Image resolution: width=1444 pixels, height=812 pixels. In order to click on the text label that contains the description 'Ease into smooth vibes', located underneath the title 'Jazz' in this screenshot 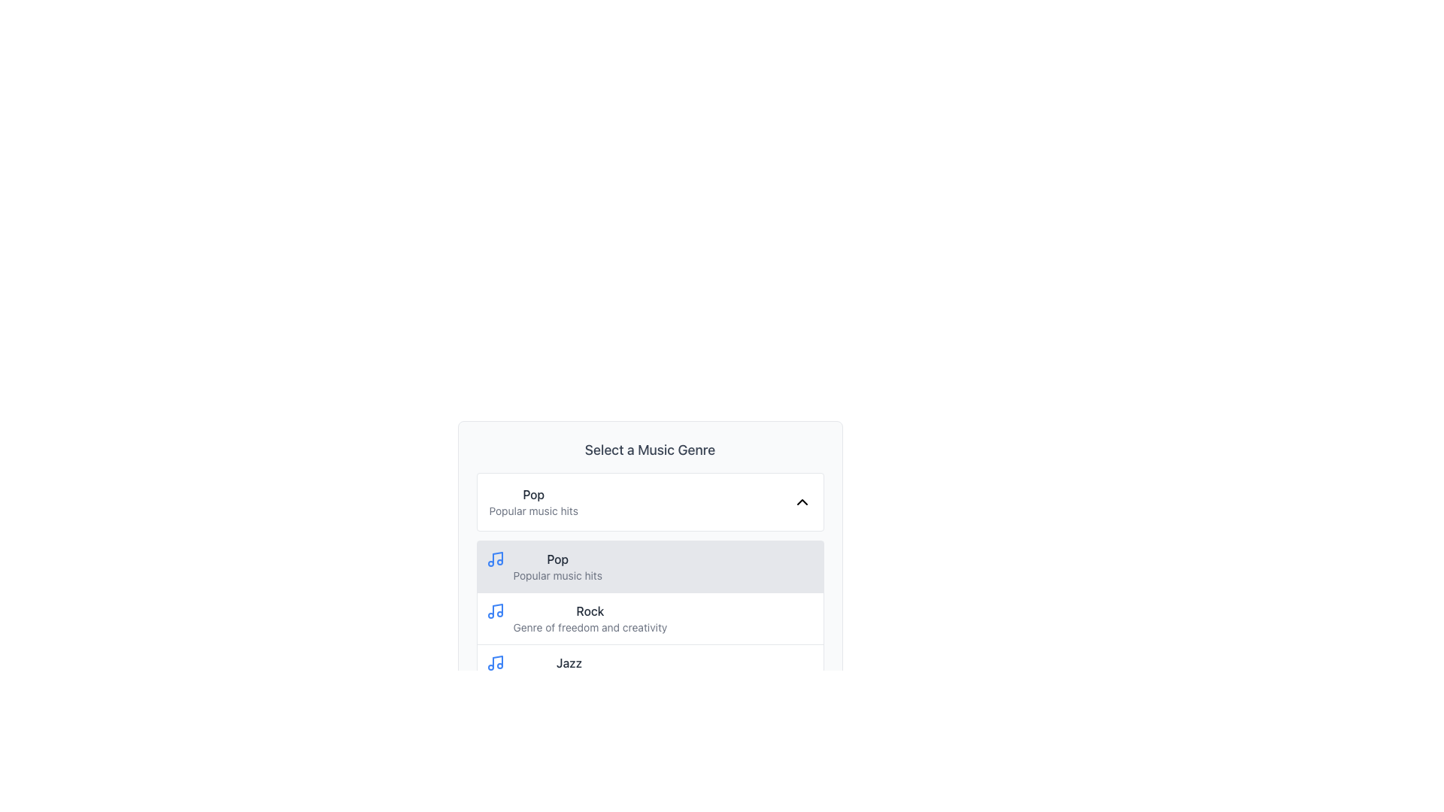, I will do `click(569, 679)`.